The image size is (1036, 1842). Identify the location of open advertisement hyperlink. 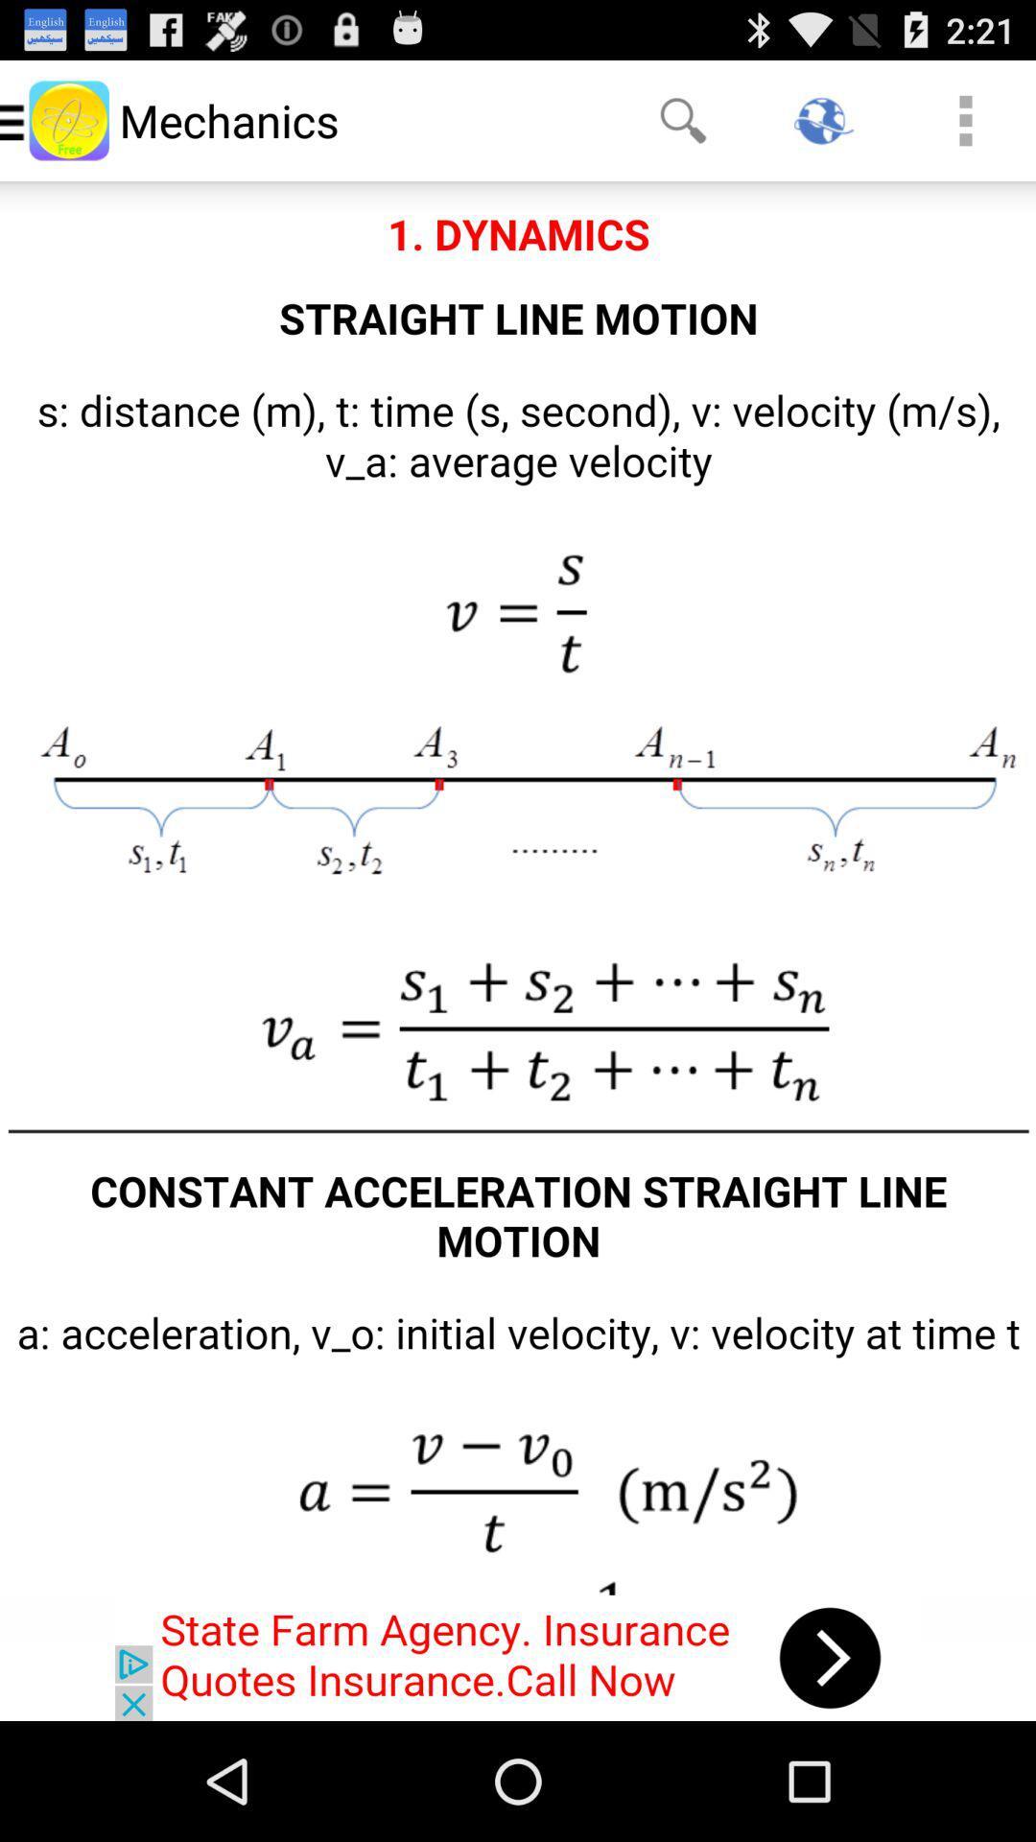
(518, 1657).